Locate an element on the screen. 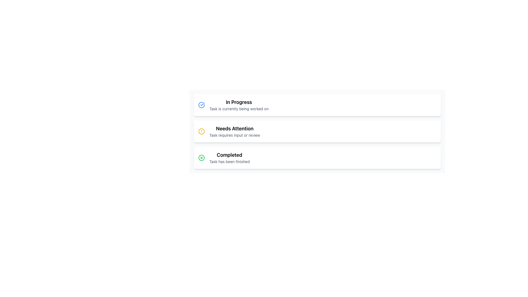  the Informational Card that displays 'Needs Attention', which is located below the 'In Progress' section and above the 'Completed' section in a vertical stack is located at coordinates (317, 131).